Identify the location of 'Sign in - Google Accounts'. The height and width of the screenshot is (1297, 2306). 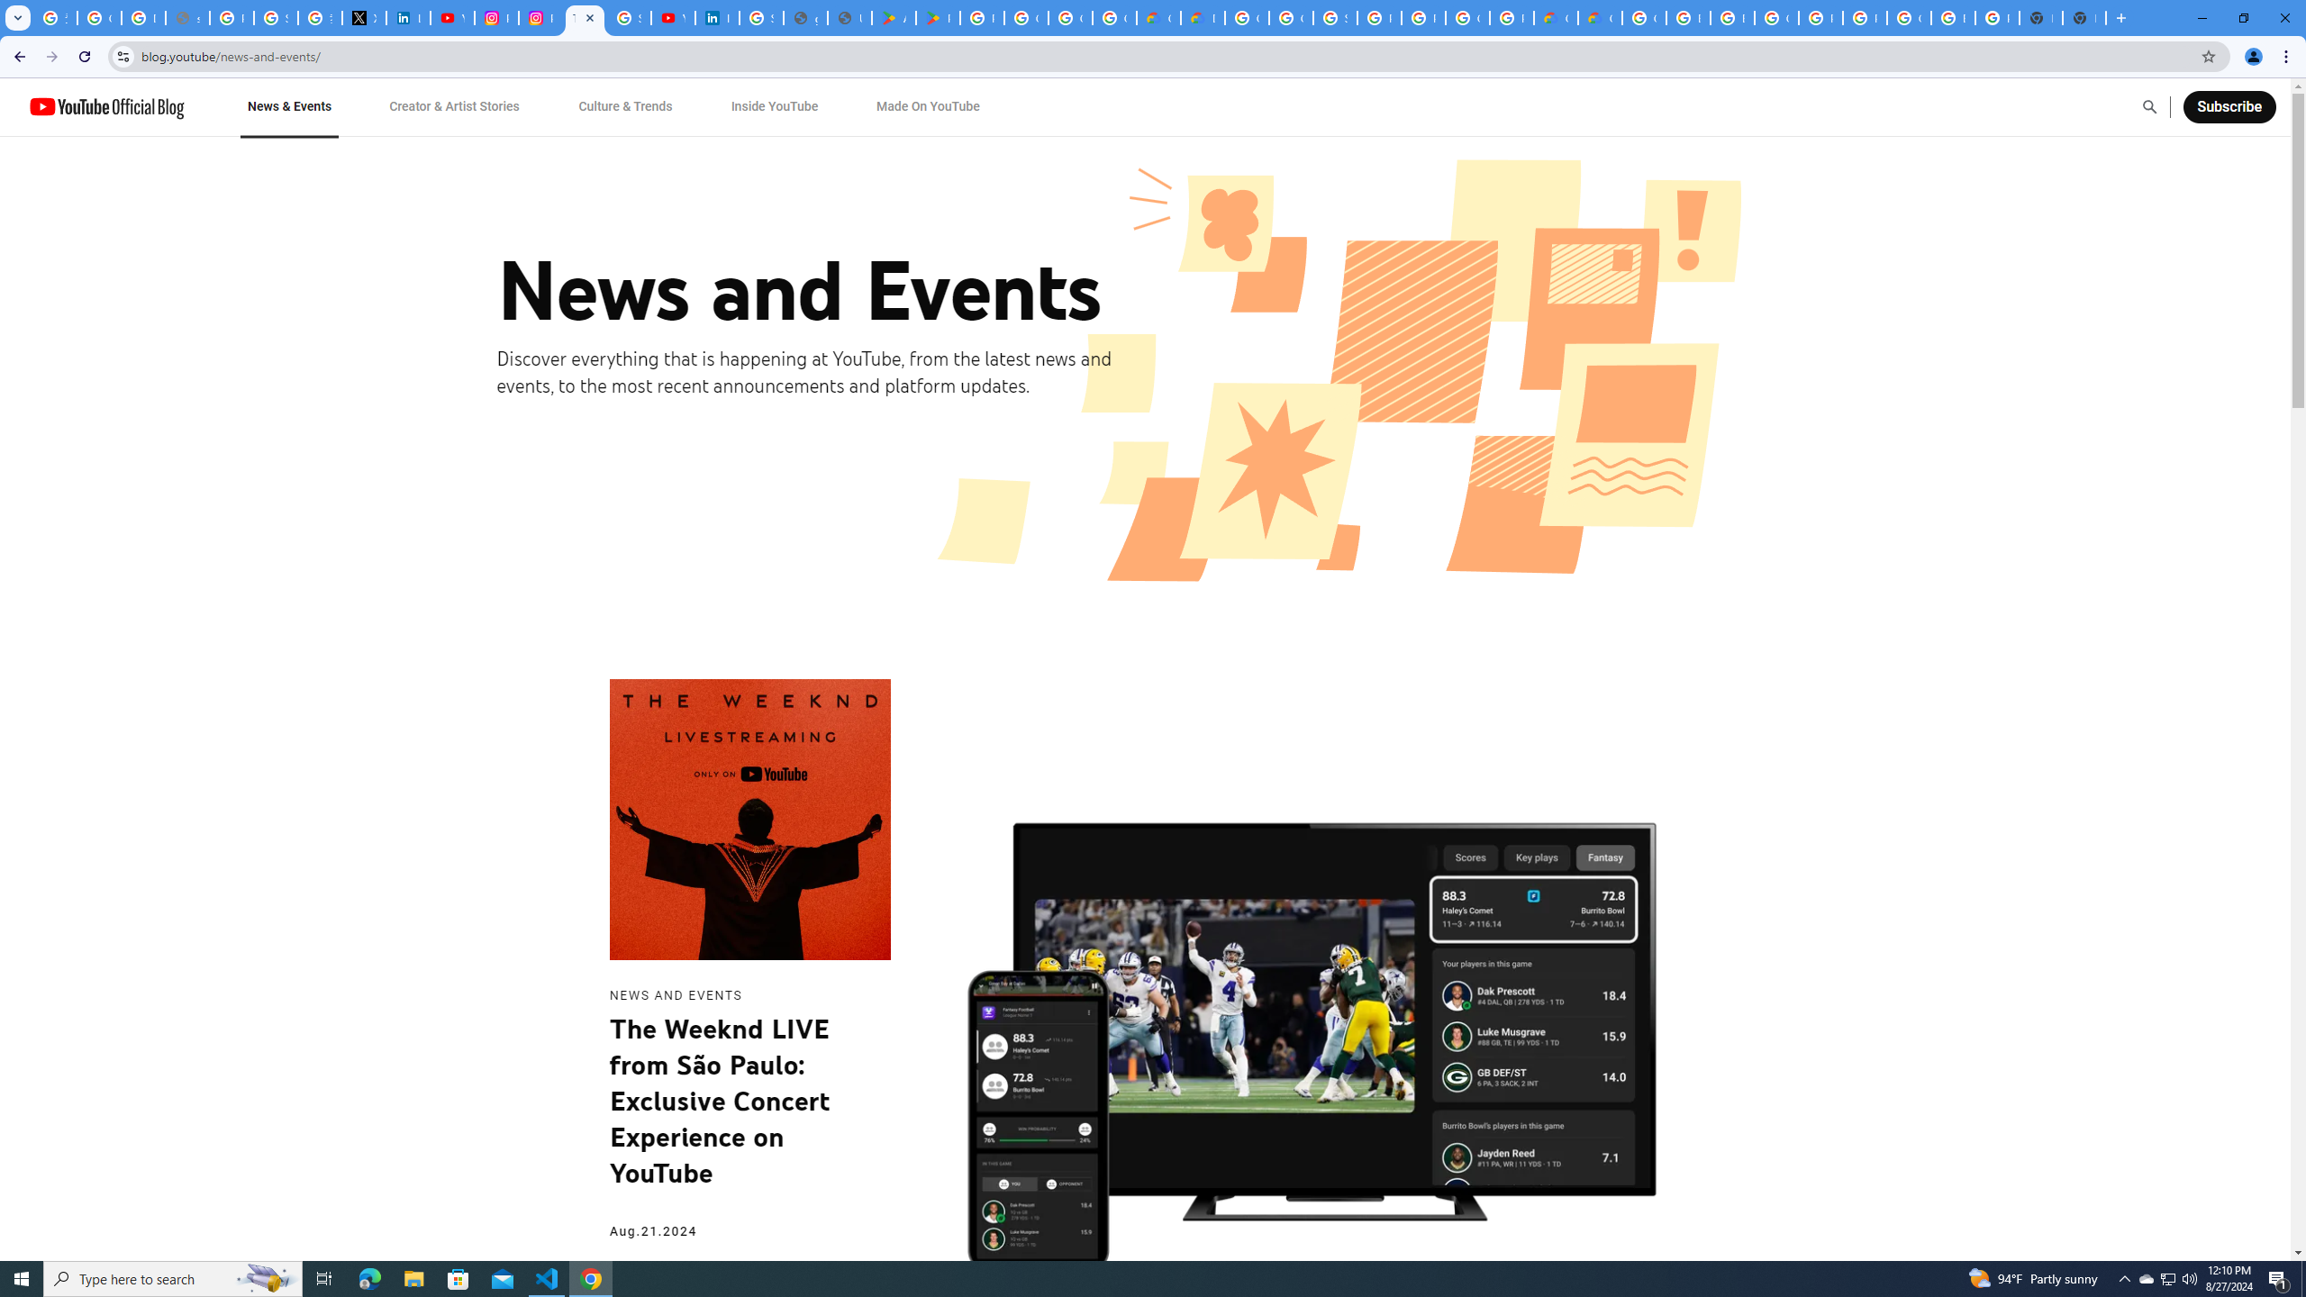
(759, 17).